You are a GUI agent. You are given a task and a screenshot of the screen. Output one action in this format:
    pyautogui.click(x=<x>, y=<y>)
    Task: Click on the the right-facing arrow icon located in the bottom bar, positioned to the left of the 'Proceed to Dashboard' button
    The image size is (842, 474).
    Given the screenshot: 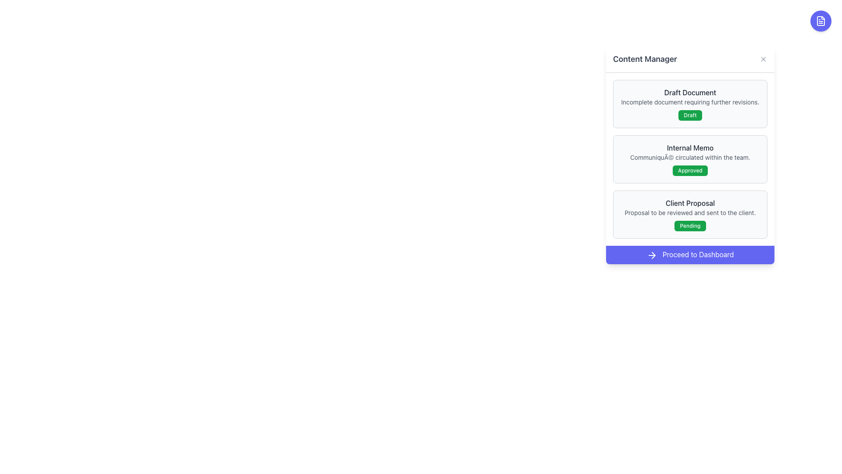 What is the action you would take?
    pyautogui.click(x=653, y=255)
    